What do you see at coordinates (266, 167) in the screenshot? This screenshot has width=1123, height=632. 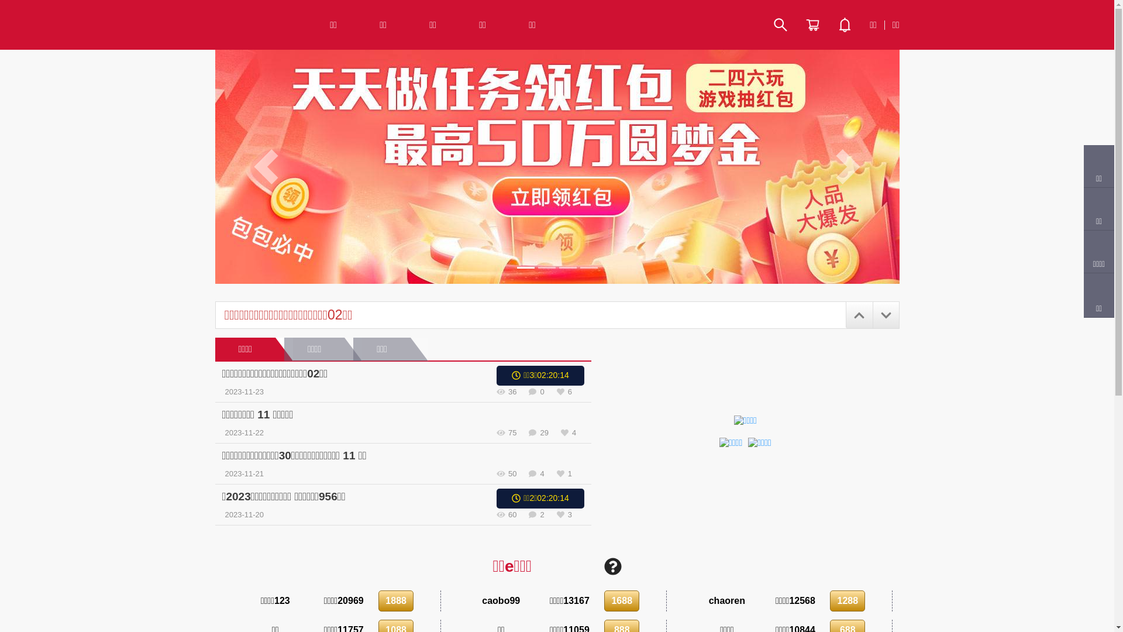 I see `'Previous'` at bounding box center [266, 167].